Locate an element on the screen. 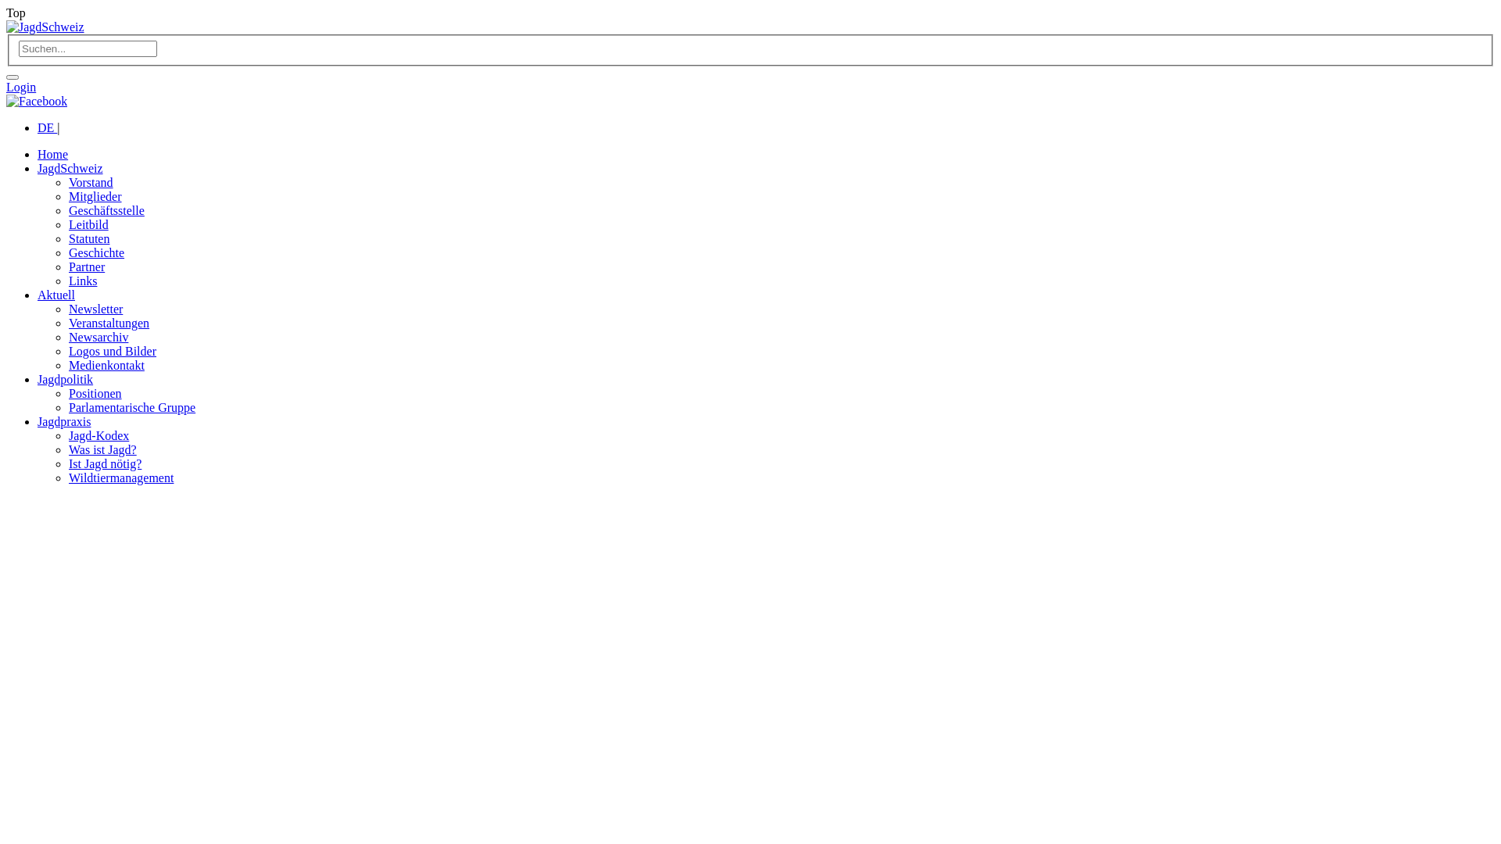  'Positionen' is located at coordinates (94, 392).